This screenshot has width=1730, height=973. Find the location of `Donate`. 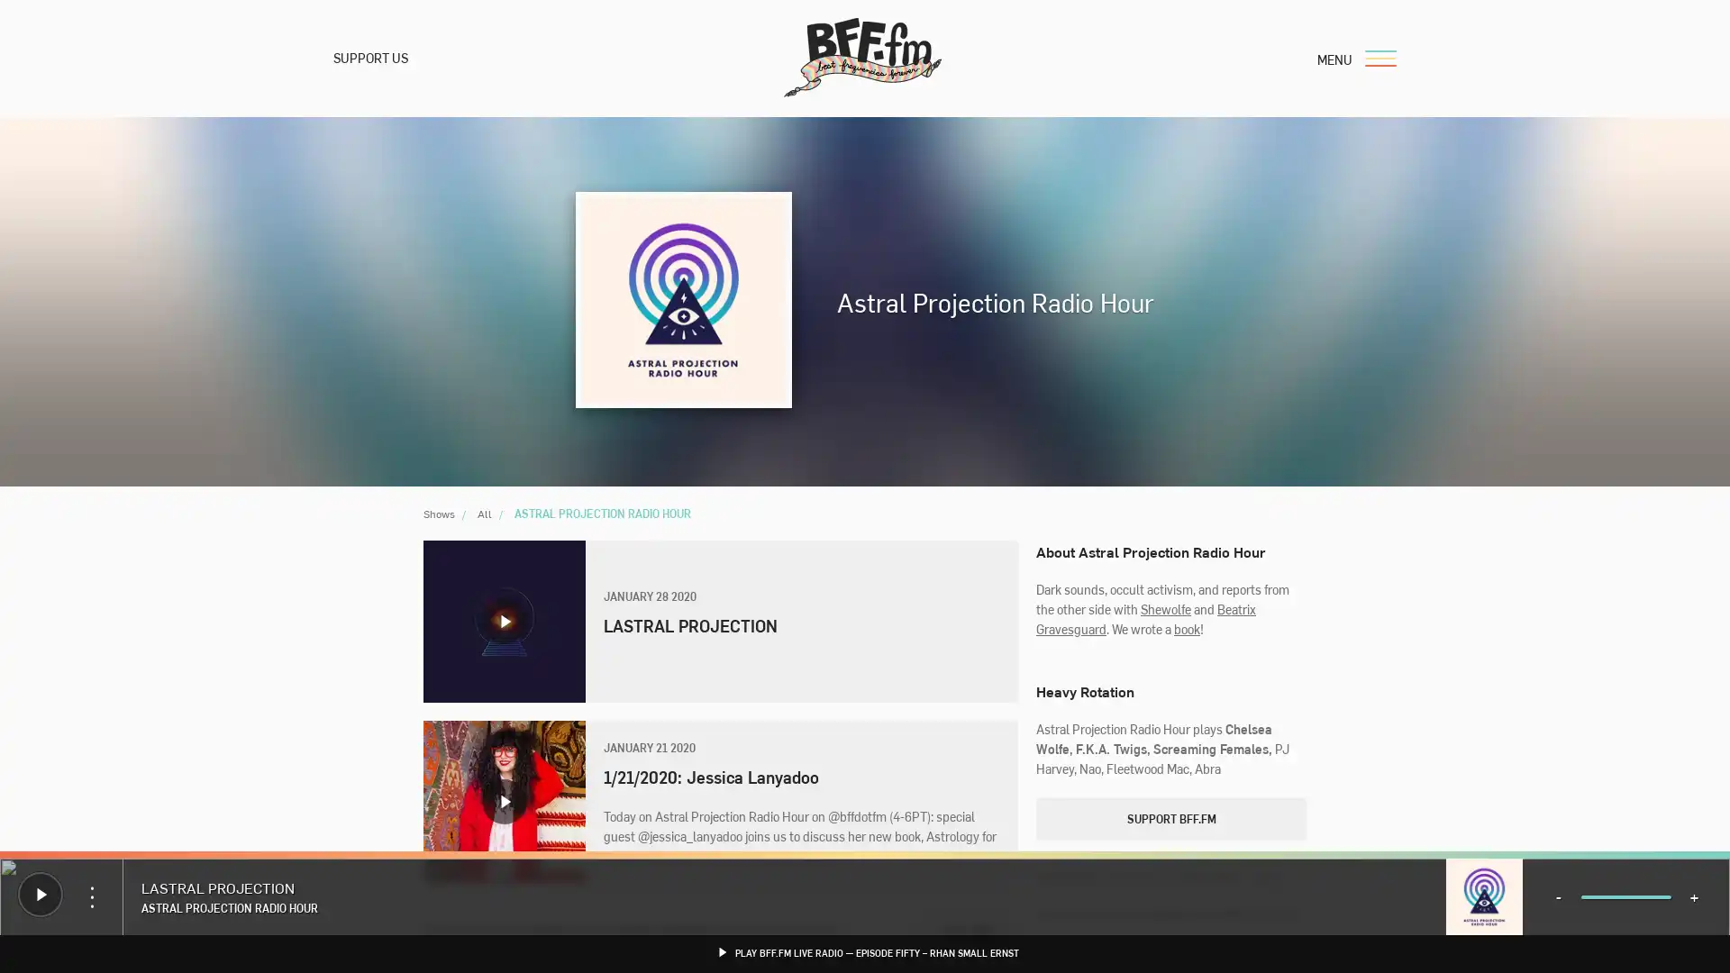

Donate is located at coordinates (59, 888).